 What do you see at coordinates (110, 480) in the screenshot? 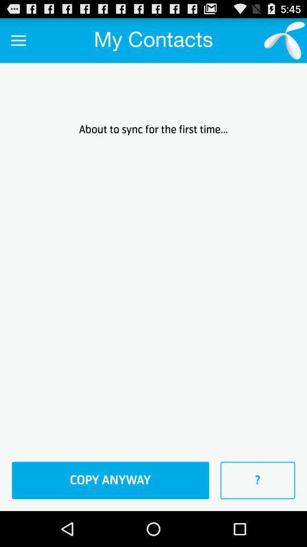
I see `the copy anyway at the bottom` at bounding box center [110, 480].